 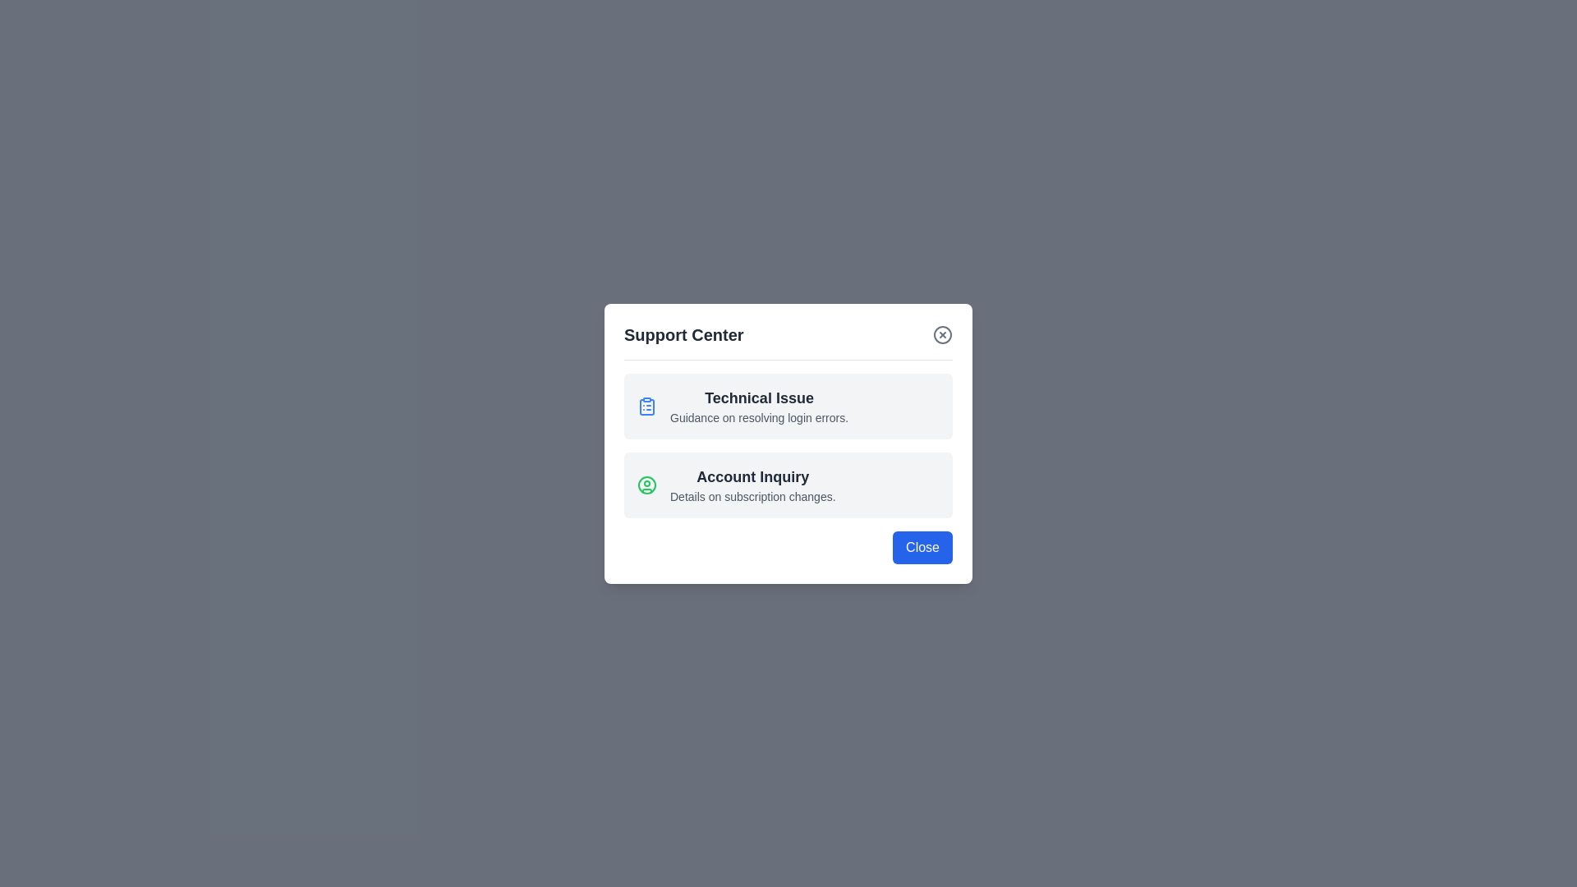 I want to click on the 'Close' button to close the dialog, so click(x=922, y=547).